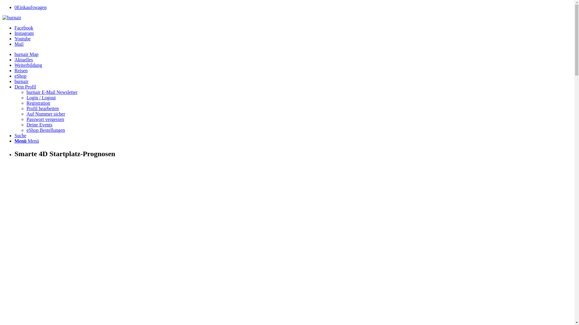 This screenshot has width=579, height=325. I want to click on 'Suche', so click(14, 135).